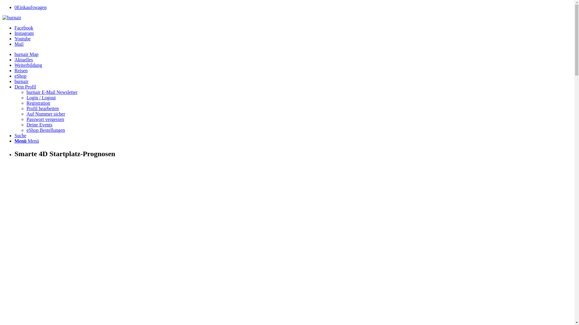 This screenshot has width=579, height=325. I want to click on 'Suche', so click(14, 135).